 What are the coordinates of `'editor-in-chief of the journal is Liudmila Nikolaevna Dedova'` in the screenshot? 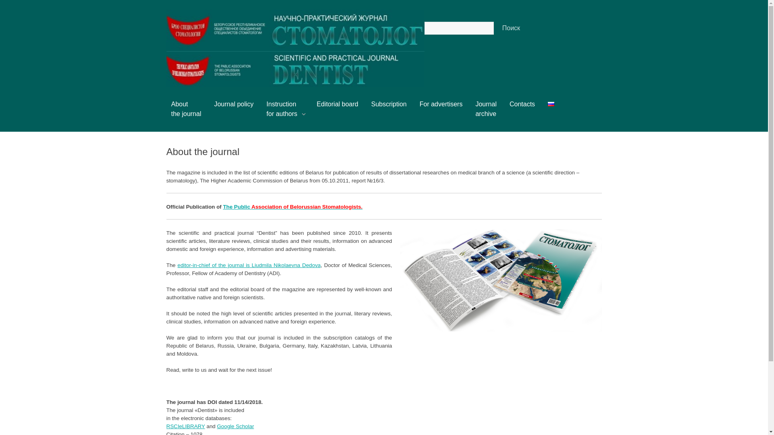 It's located at (248, 265).